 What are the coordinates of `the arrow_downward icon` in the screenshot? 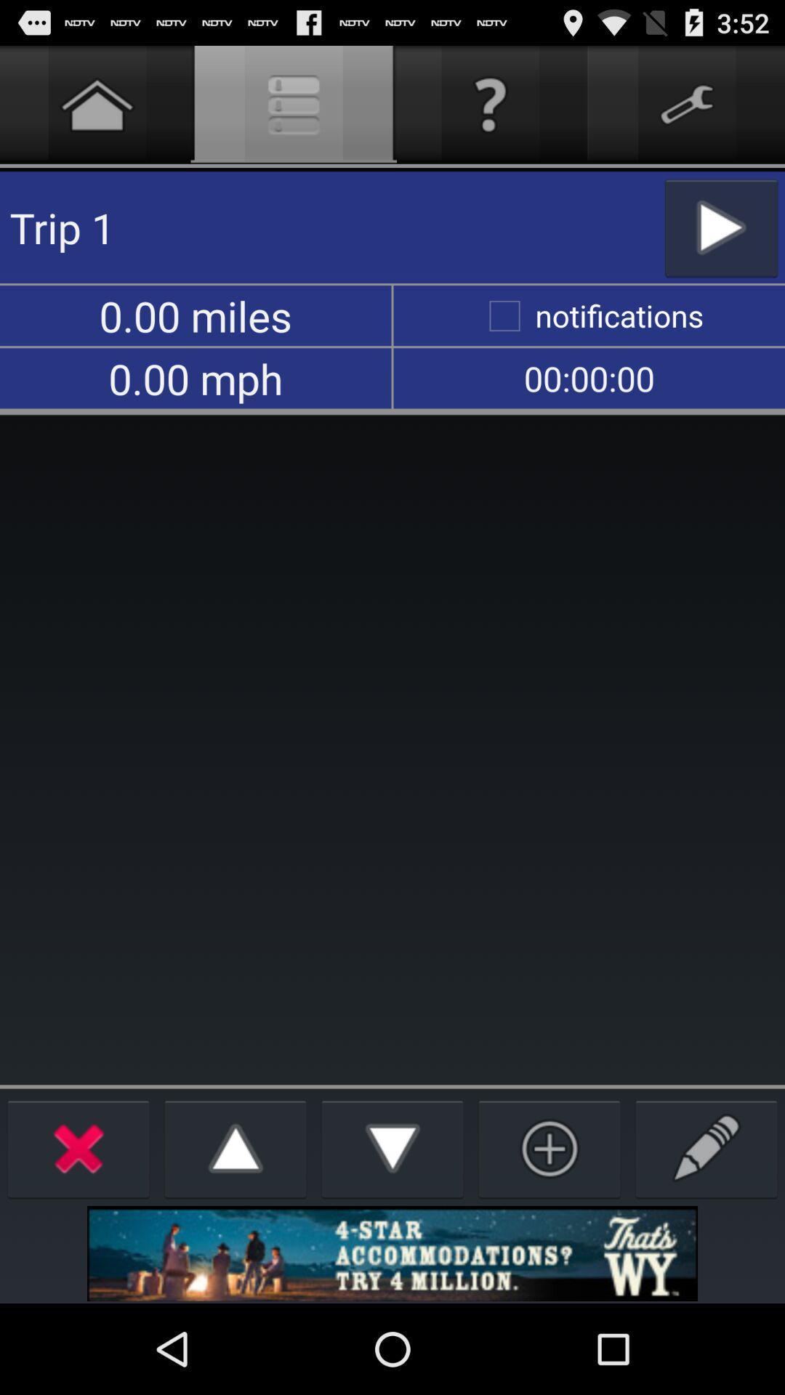 It's located at (392, 1228).